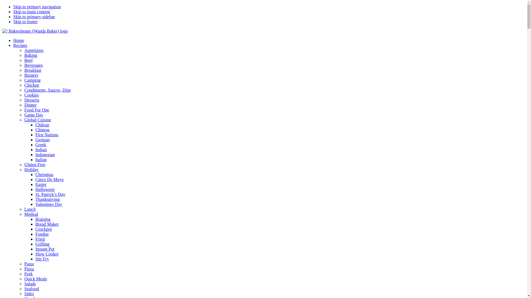  I want to click on 'Appetizers', so click(33, 50).